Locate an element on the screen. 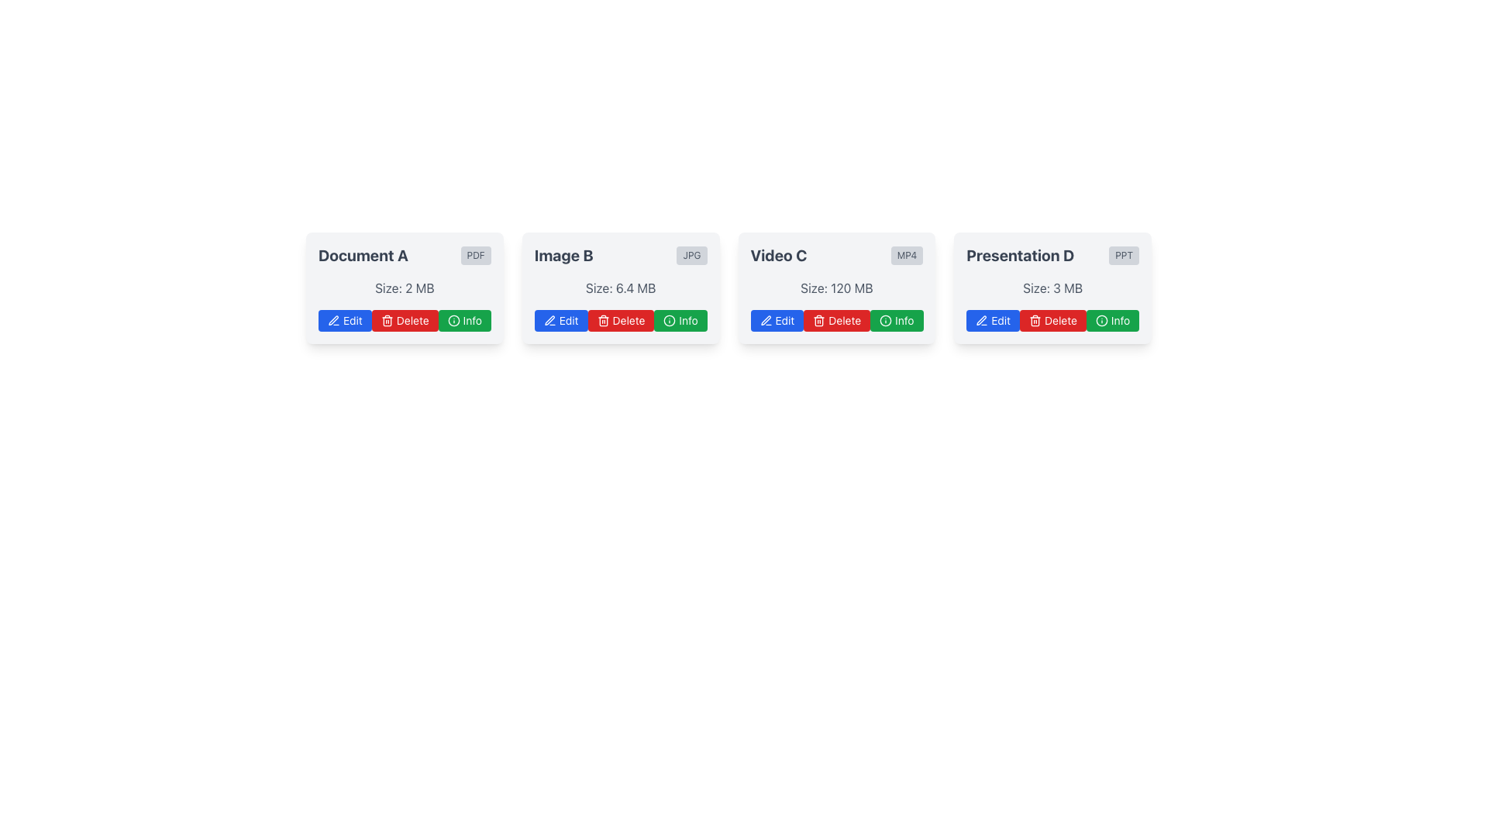  the red 'Delete' button with rounded corners and a trash-can icon to change its color, indicating interactivity is located at coordinates (621, 319).